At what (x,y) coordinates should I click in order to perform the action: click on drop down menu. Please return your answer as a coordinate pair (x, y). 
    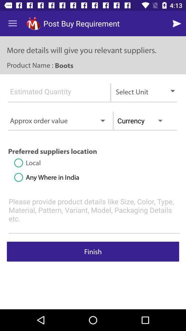
    Looking at the image, I should click on (54, 94).